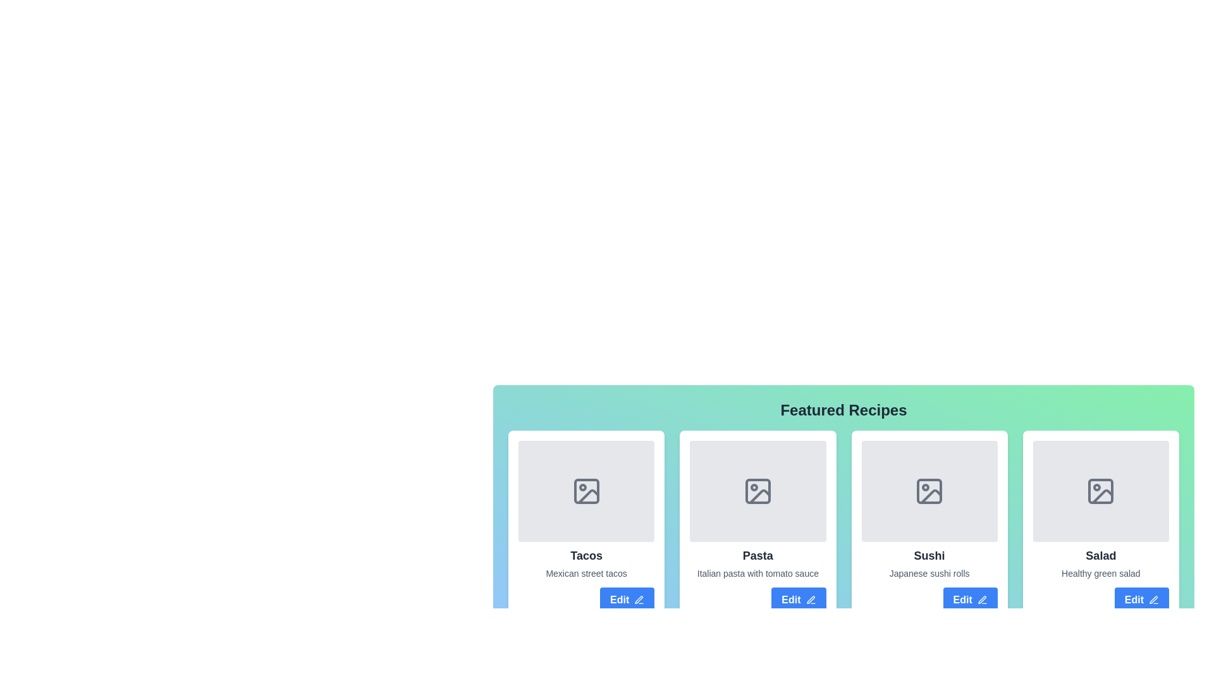 Image resolution: width=1214 pixels, height=683 pixels. Describe the element at coordinates (929, 490) in the screenshot. I see `the image icon representing the 'Sushi' card, which is the central feature of the third card in the 'Featured Recipes' section` at that location.